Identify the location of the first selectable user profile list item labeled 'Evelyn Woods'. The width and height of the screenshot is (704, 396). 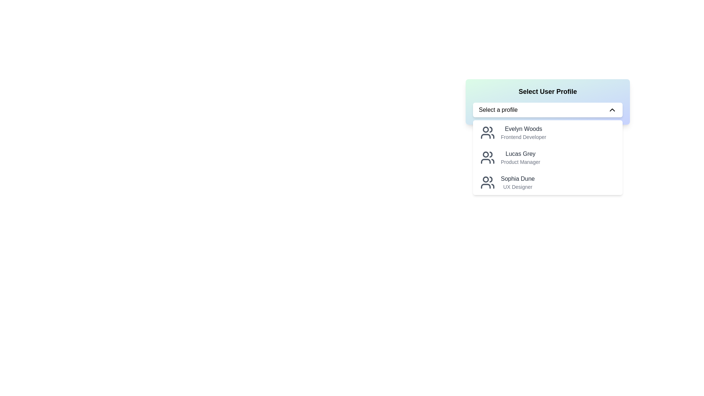
(523, 133).